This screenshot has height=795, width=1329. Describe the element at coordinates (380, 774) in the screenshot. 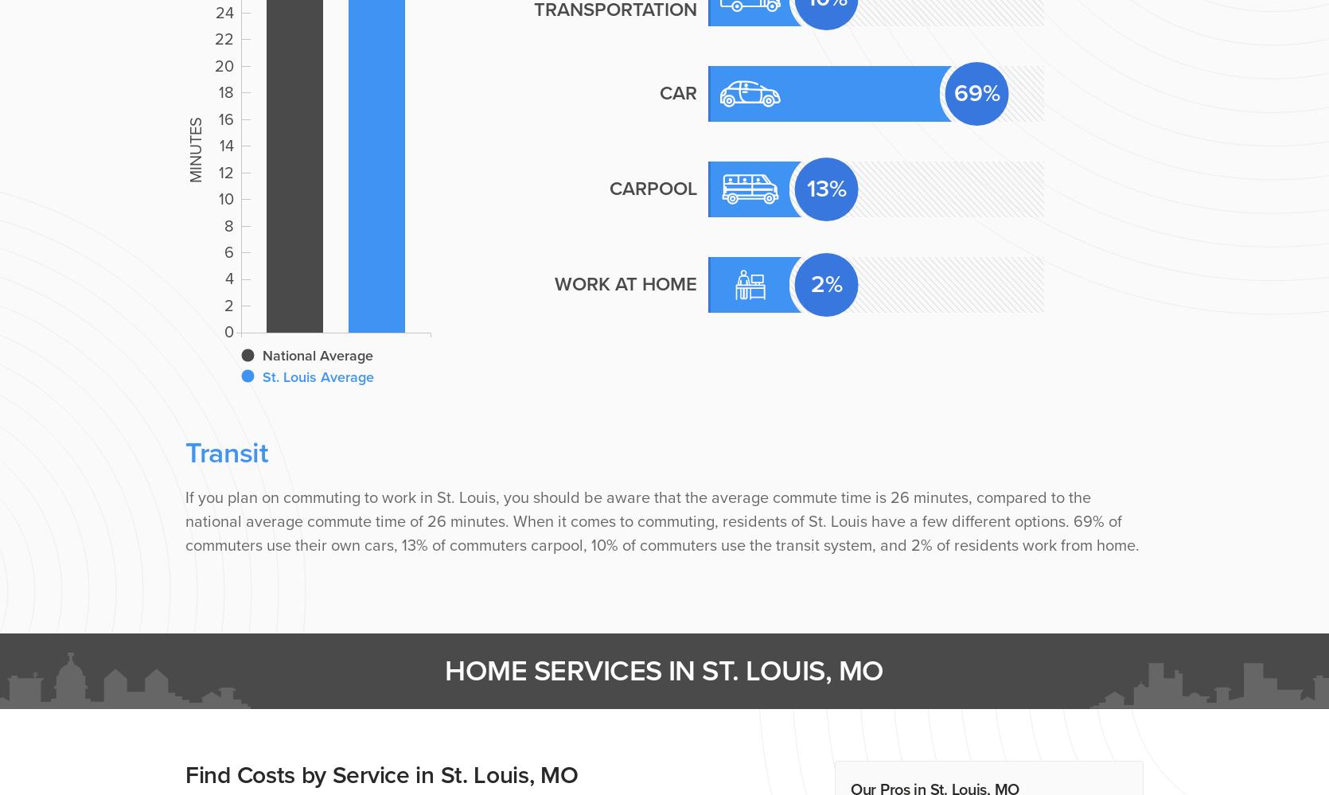

I see `'Find Costs by Service in St. Louis, MO'` at that location.